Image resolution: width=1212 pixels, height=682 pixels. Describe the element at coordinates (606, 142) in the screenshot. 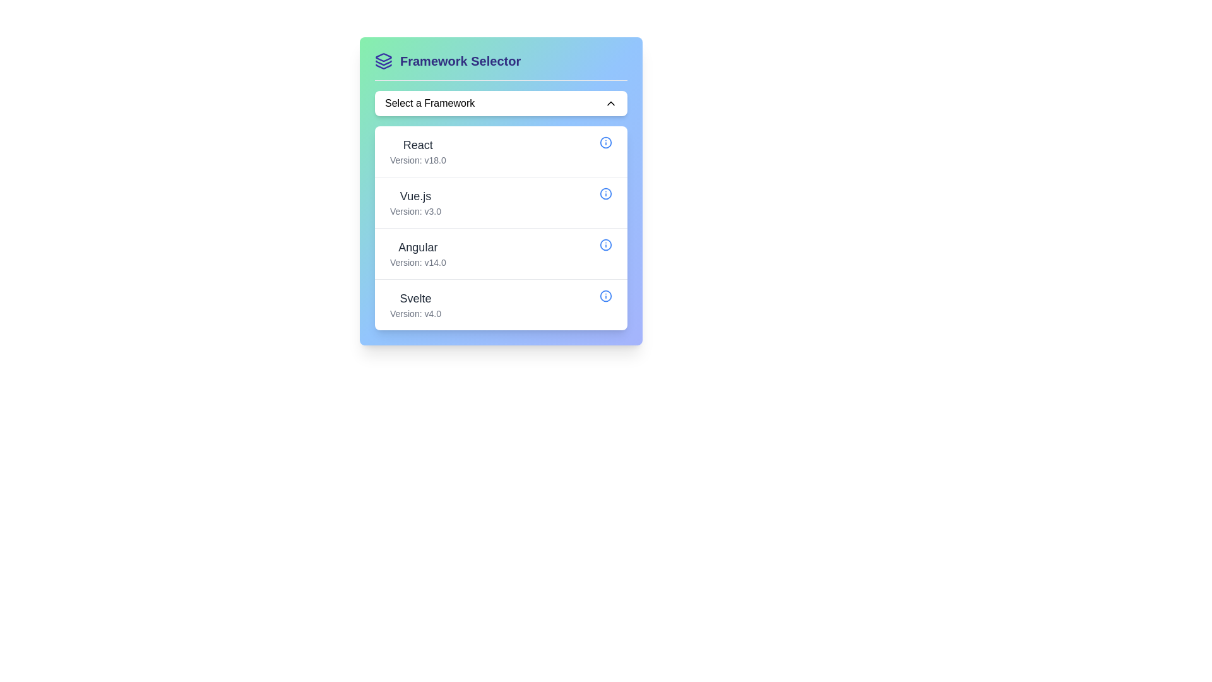

I see `the blue circular outline SVG icon that is part of the 'React' list item, located to the right side of the item text` at that location.